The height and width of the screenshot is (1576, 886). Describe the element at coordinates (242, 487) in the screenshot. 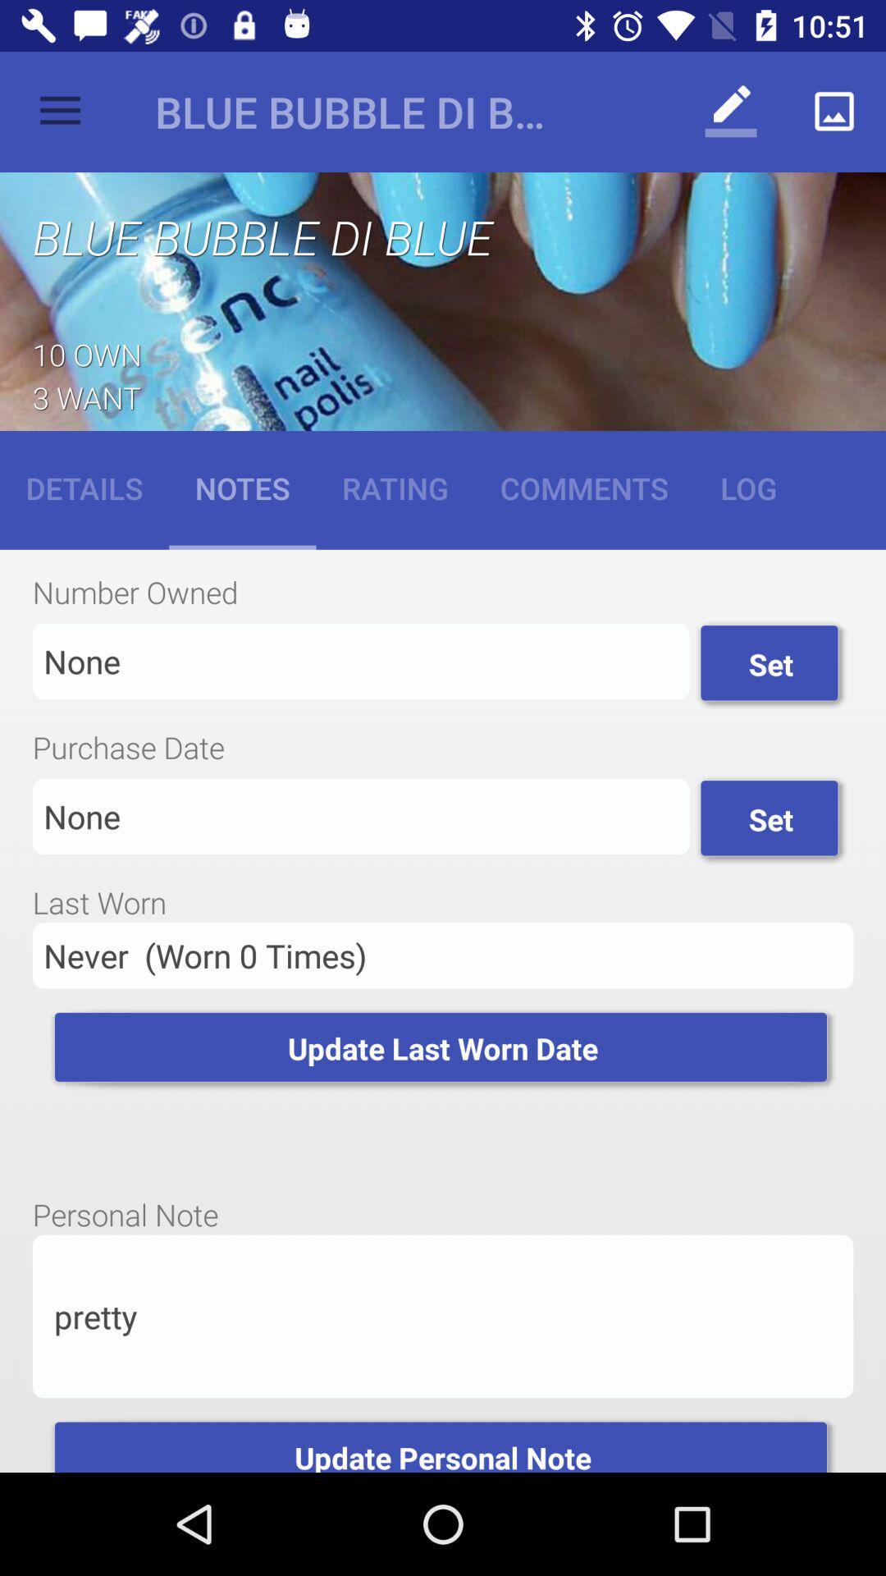

I see `the notes item` at that location.